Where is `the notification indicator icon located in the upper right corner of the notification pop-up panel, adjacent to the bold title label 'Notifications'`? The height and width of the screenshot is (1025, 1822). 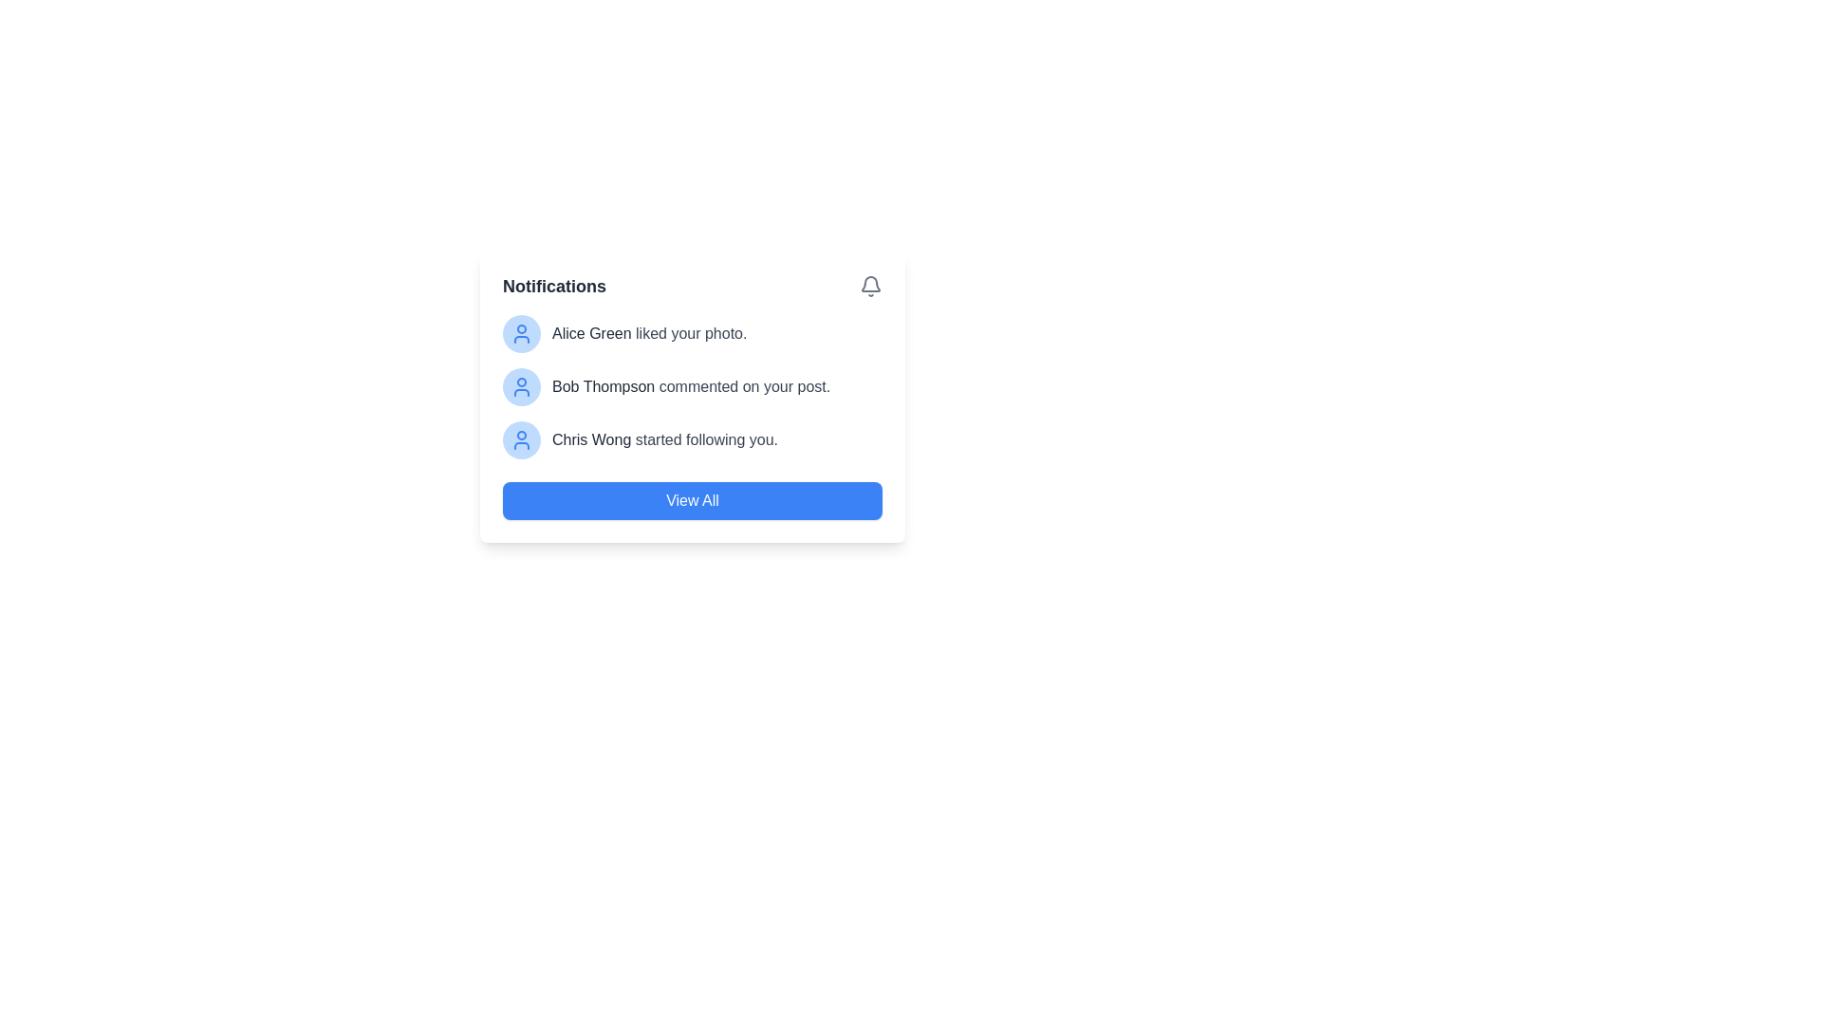 the notification indicator icon located in the upper right corner of the notification pop-up panel, adjacent to the bold title label 'Notifications' is located at coordinates (869, 286).